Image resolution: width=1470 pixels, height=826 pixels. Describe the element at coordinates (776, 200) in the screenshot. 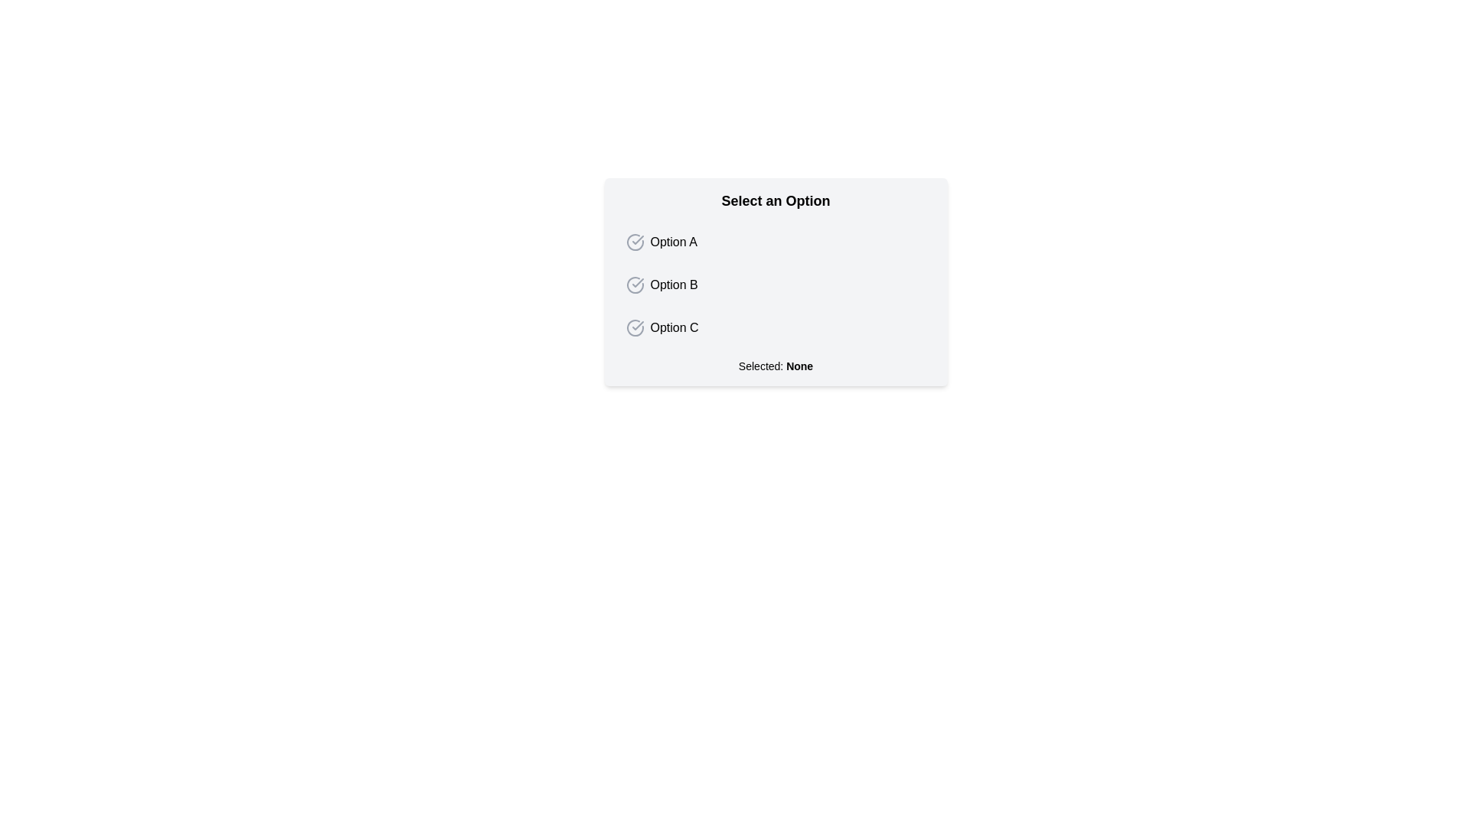

I see `the heading text label that indicates the purpose of the options below it, located at the top of the card-like structure` at that location.